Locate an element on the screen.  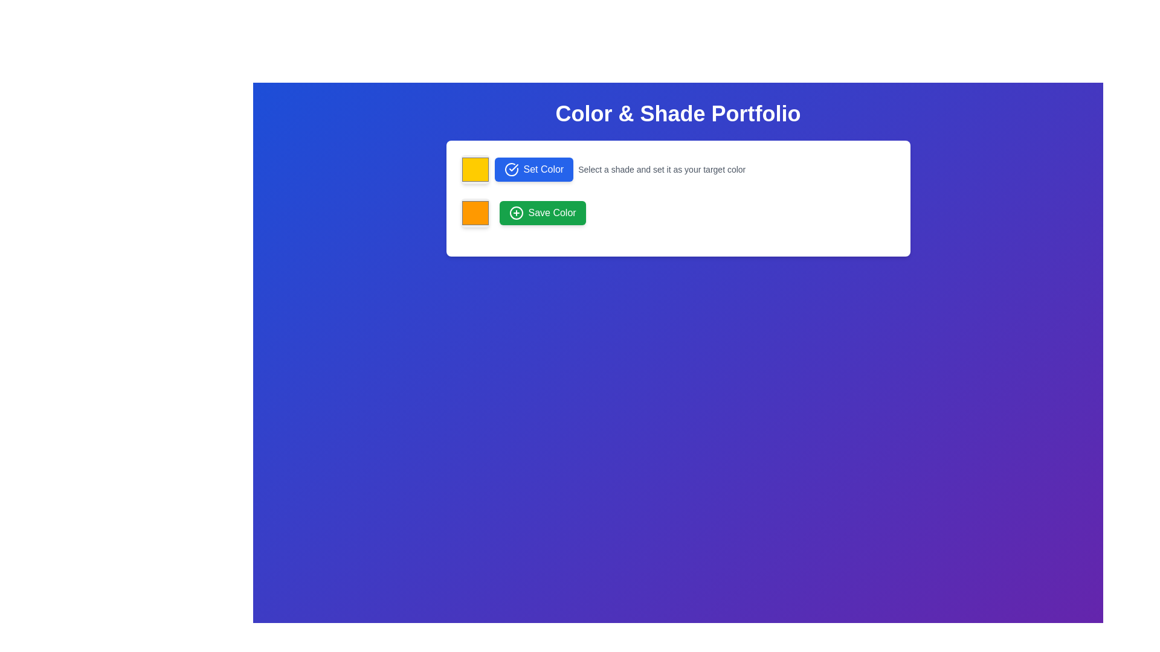
the color picker or display box located at the top-left corner of the card-like section is located at coordinates (474, 170).